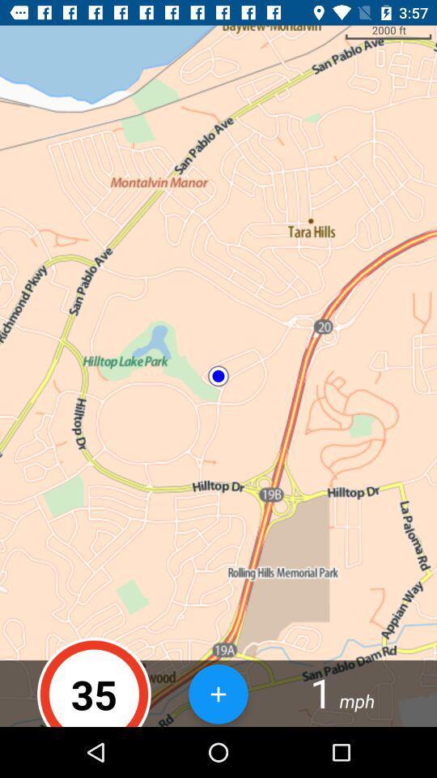 This screenshot has width=437, height=778. I want to click on the item next to the 35 item, so click(218, 693).